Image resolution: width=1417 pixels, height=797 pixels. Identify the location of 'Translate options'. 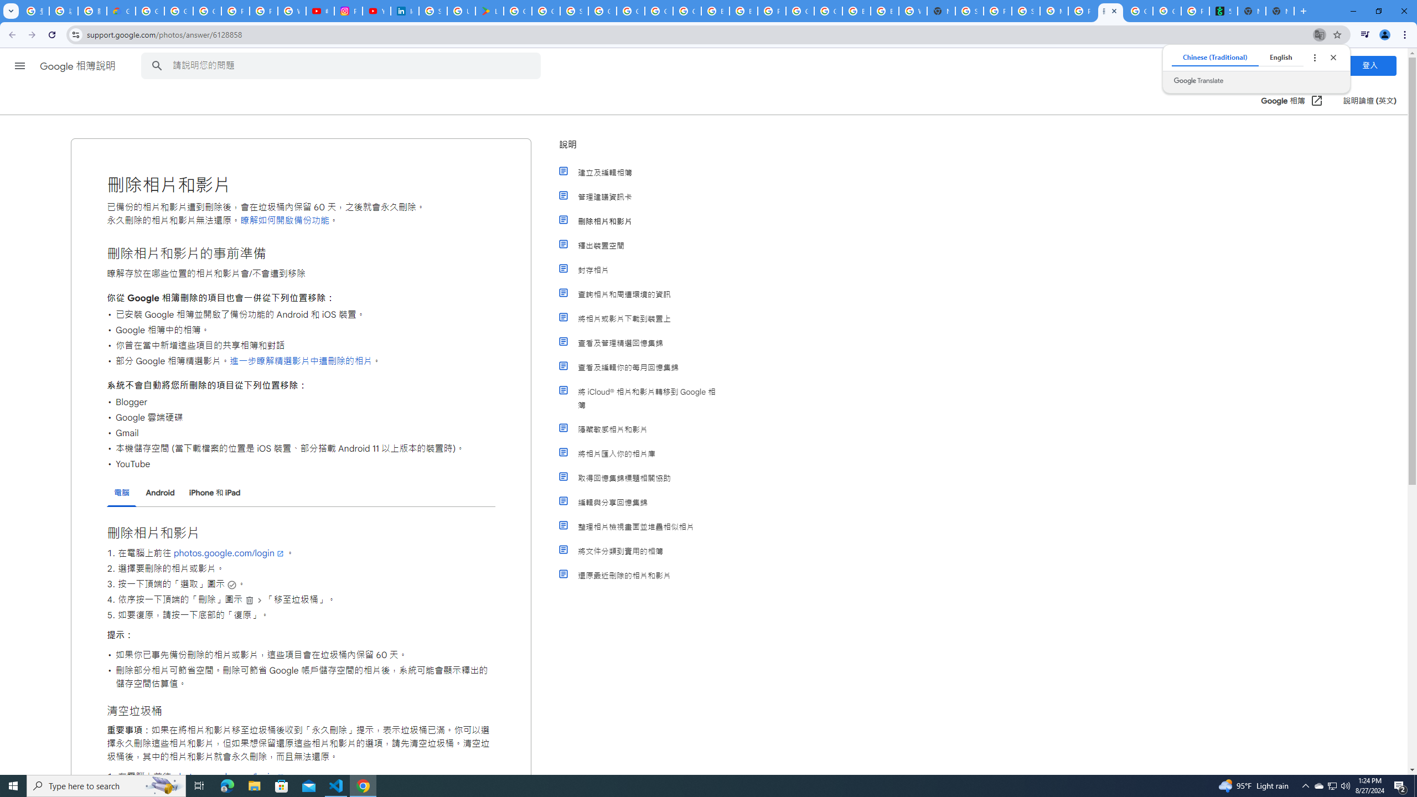
(1313, 57).